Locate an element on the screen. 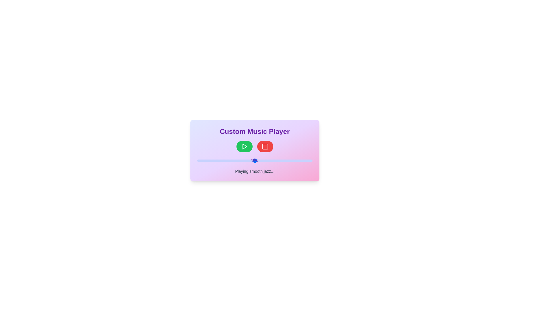 This screenshot has width=553, height=311. the slider is located at coordinates (291, 161).